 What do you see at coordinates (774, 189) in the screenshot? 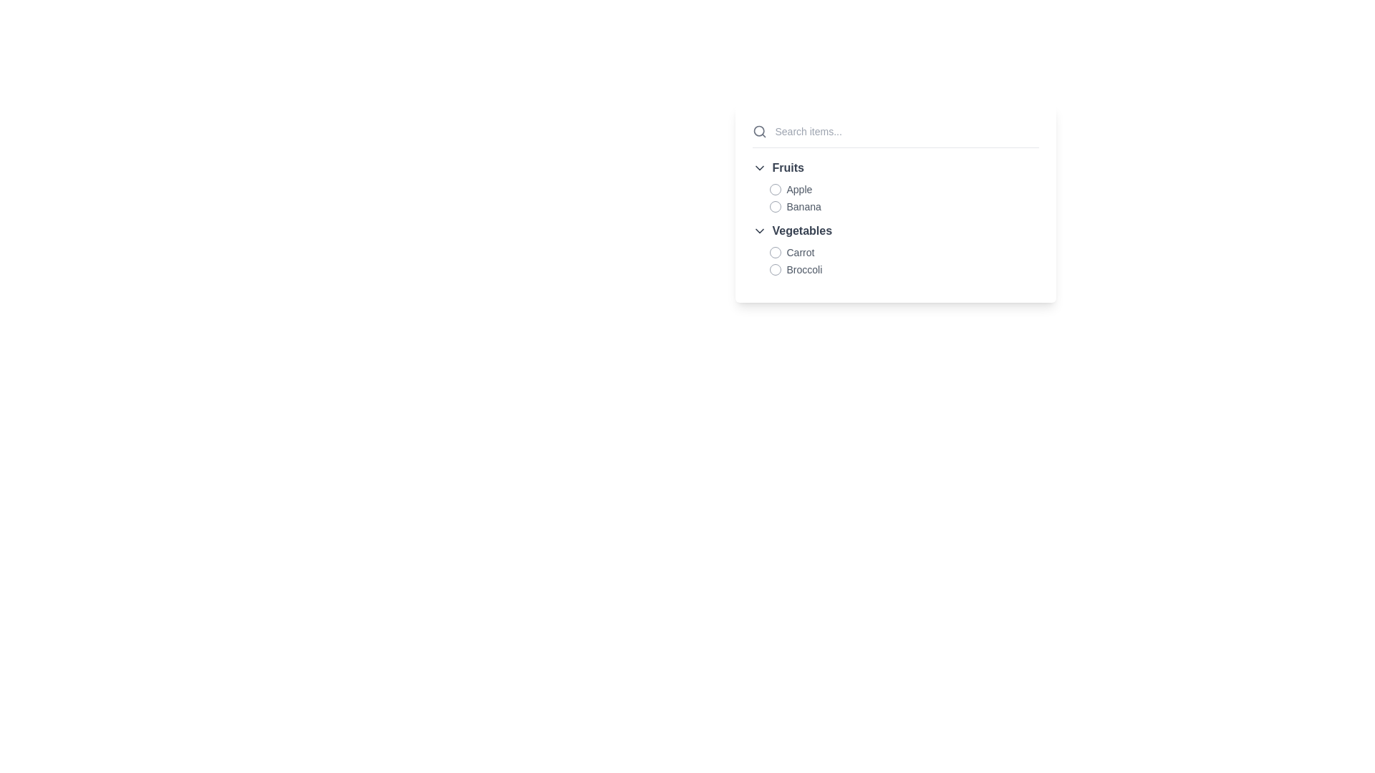
I see `the radio button for selecting the 'Apple' option located in the 'Fruits' category` at bounding box center [774, 189].